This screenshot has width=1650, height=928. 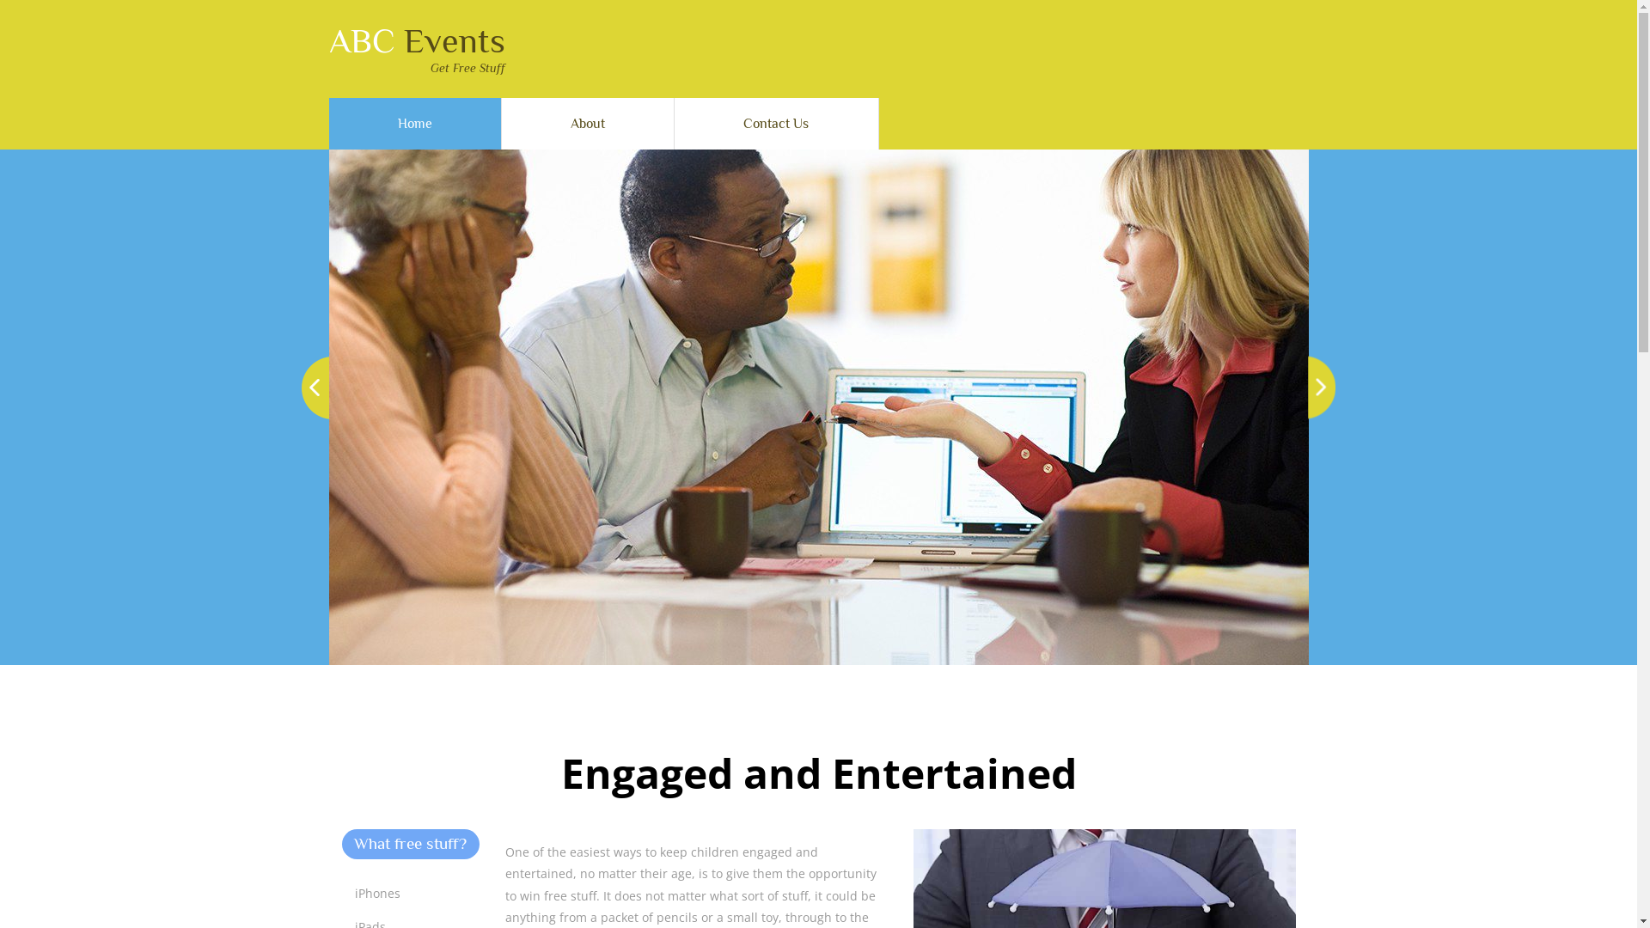 I want to click on 'Previous', so click(x=314, y=388).